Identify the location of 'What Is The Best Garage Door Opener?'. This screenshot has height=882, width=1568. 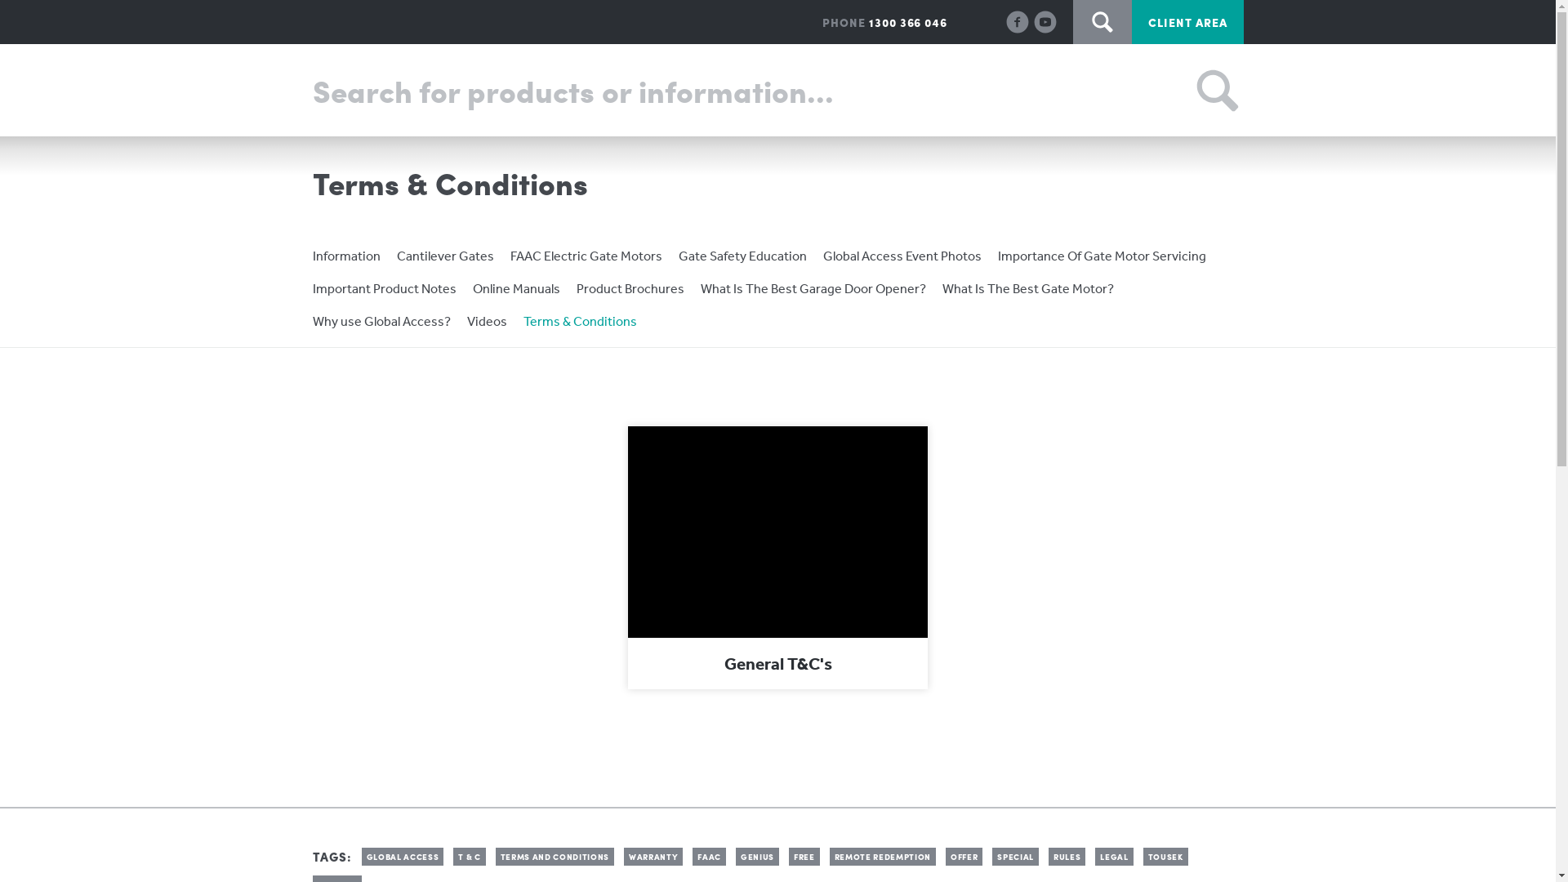
(701, 287).